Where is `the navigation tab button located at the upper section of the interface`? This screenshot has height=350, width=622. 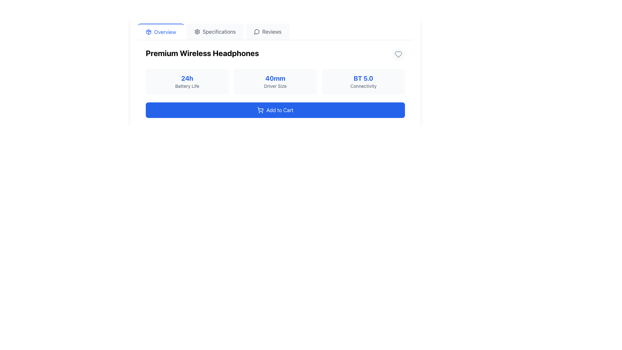
the navigation tab button located at the upper section of the interface is located at coordinates (161, 31).